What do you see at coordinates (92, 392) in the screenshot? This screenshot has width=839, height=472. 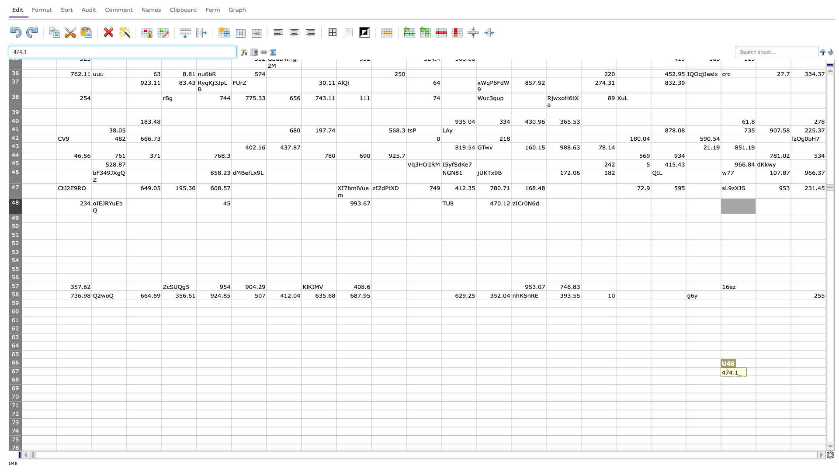 I see `Bottom right corner of cell B-69` at bounding box center [92, 392].